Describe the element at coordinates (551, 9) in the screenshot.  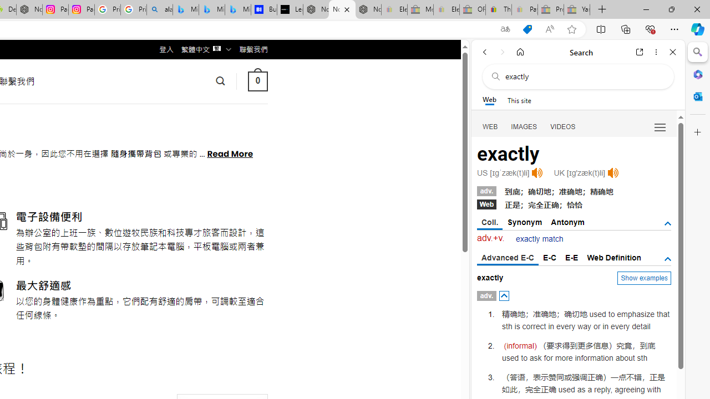
I see `'Press Room - eBay Inc. - Sleeping'` at that location.